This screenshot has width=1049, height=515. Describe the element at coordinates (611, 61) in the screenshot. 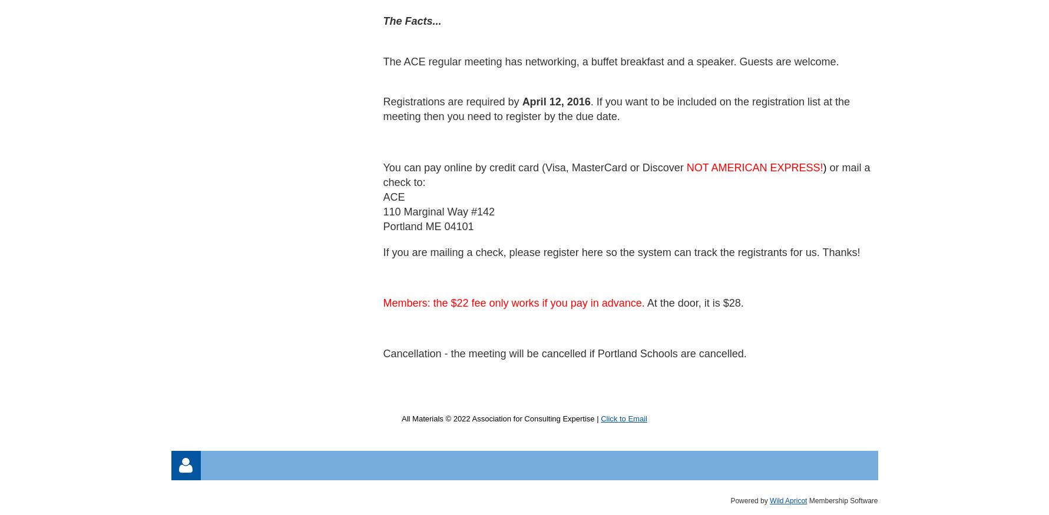

I see `'The ACE regular meeting has networking, a buffet breakfast and a speaker. Guests are welcome.'` at that location.